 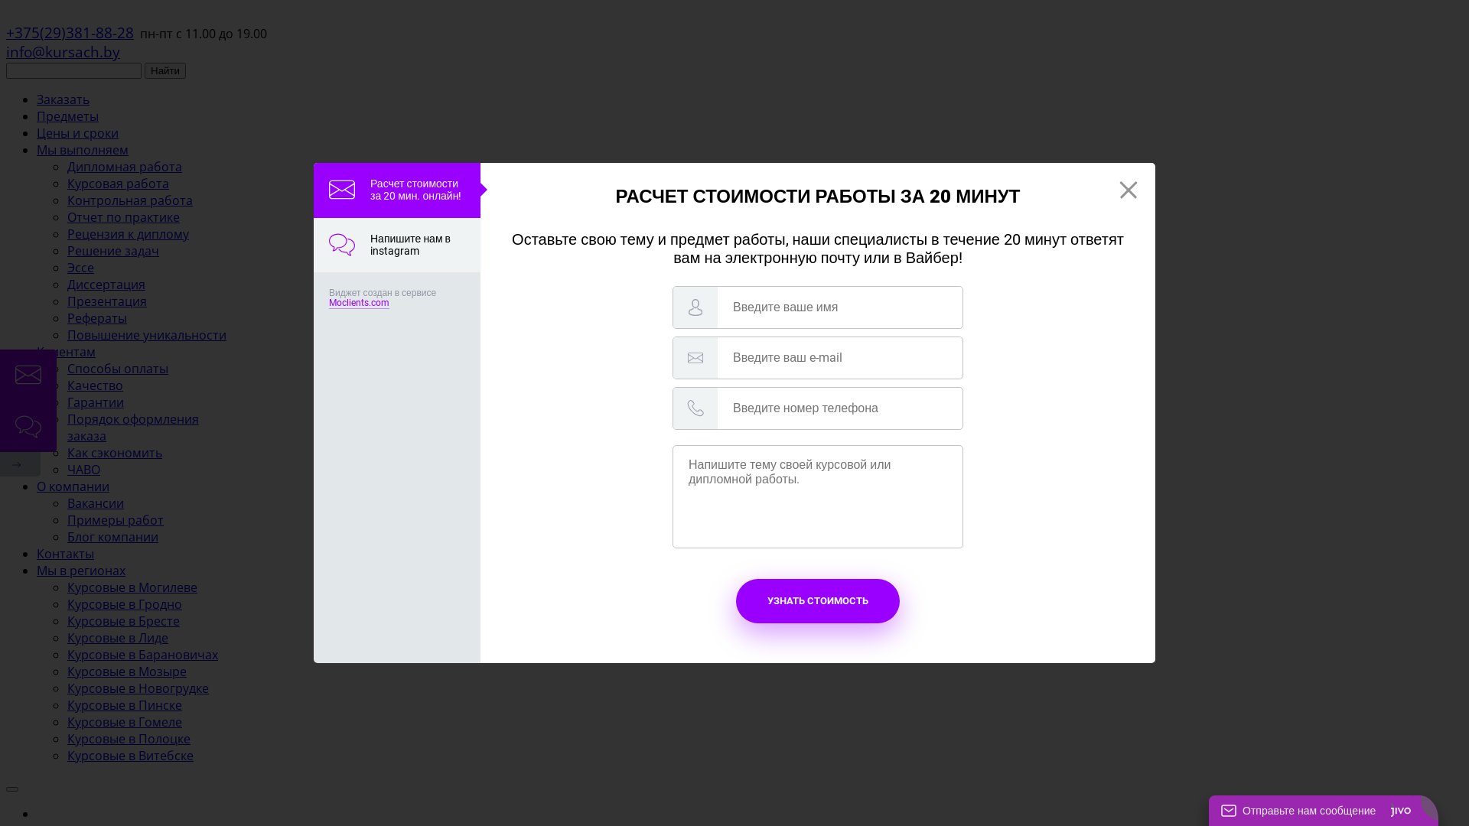 I want to click on 'Moclients.com', so click(x=328, y=303).